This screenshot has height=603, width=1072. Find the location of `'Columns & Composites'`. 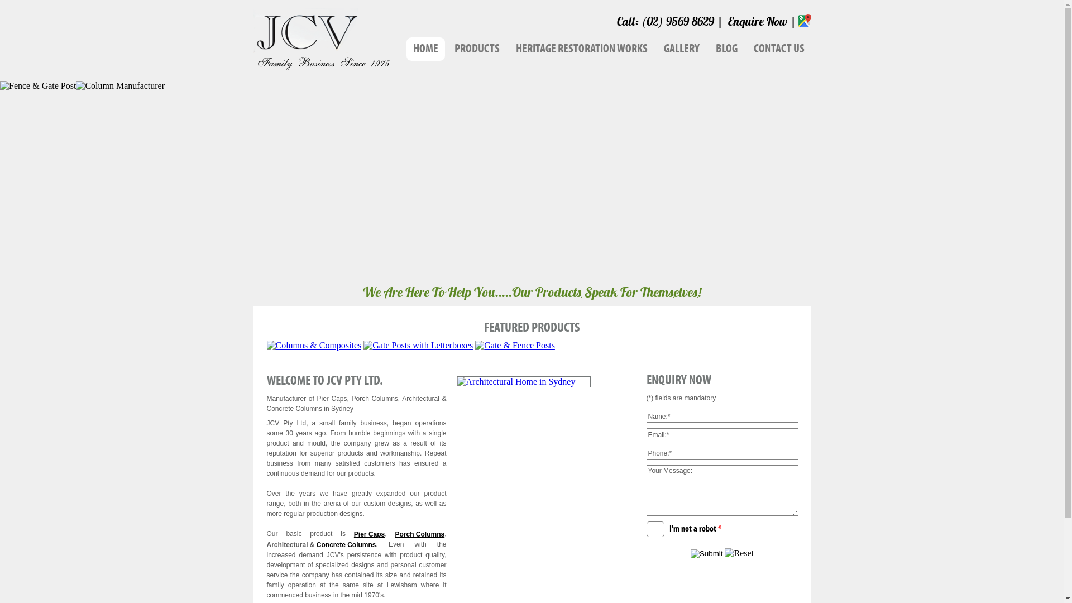

'Columns & Composites' is located at coordinates (266, 344).